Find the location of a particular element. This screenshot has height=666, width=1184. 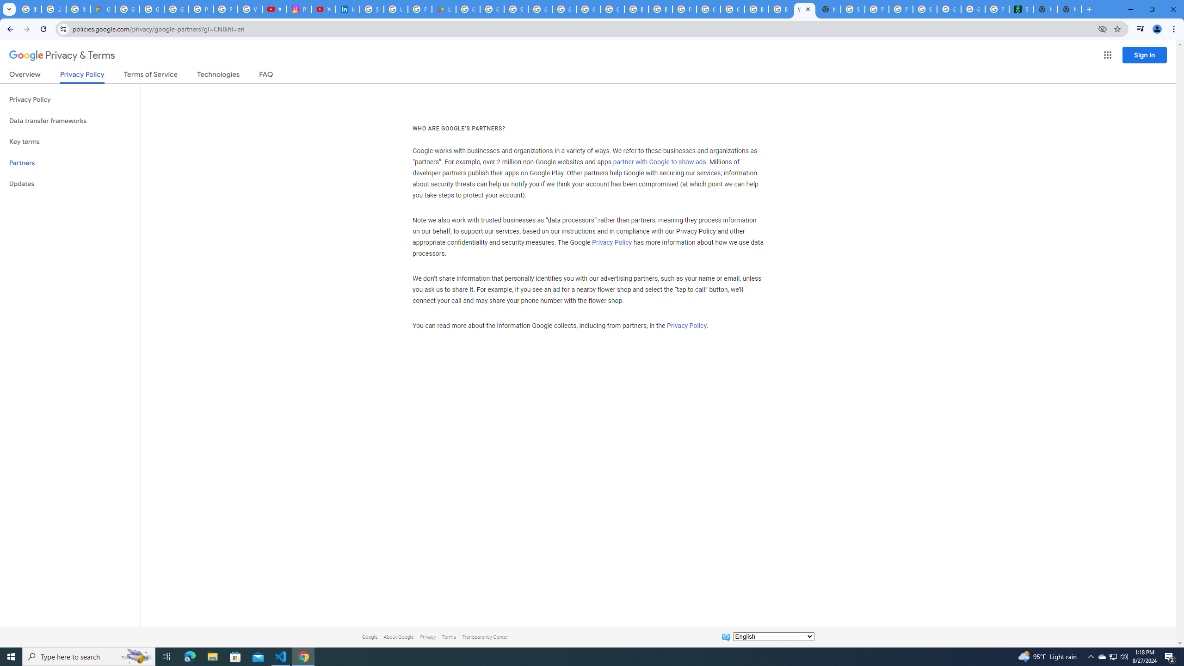

'Privacy' is located at coordinates (427, 636).